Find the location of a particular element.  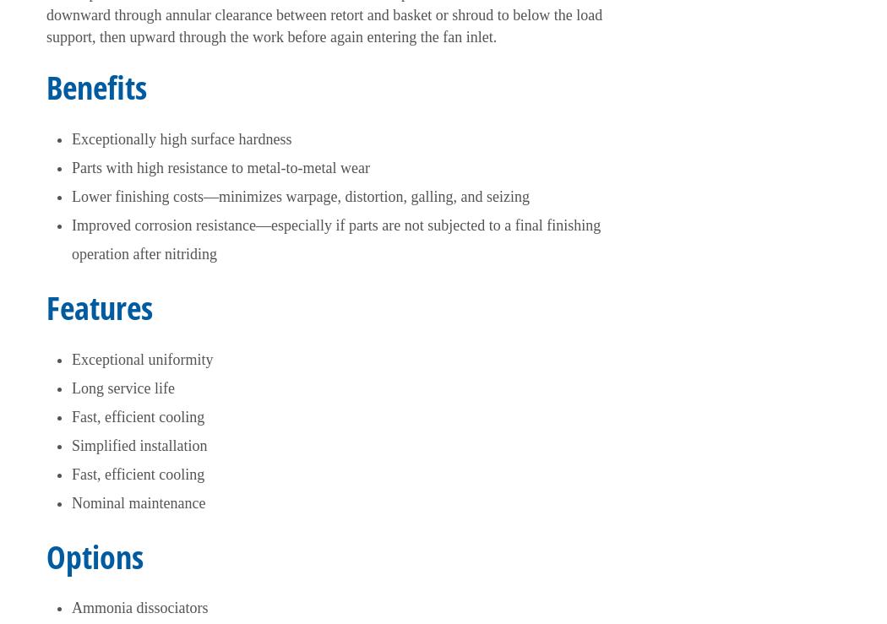

'Nominal maintenance' is located at coordinates (139, 502).